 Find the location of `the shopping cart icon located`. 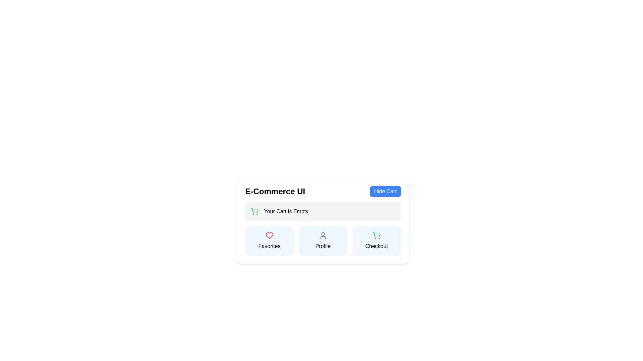

the shopping cart icon located is located at coordinates (376, 234).